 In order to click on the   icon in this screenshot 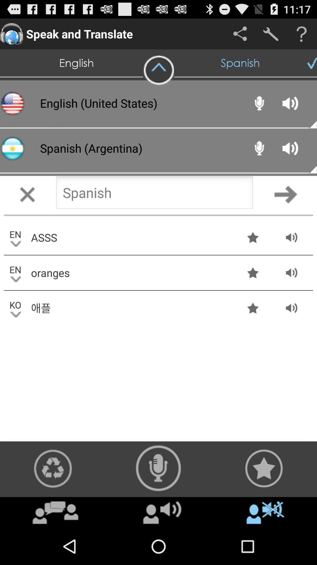, I will do `click(158, 70)`.